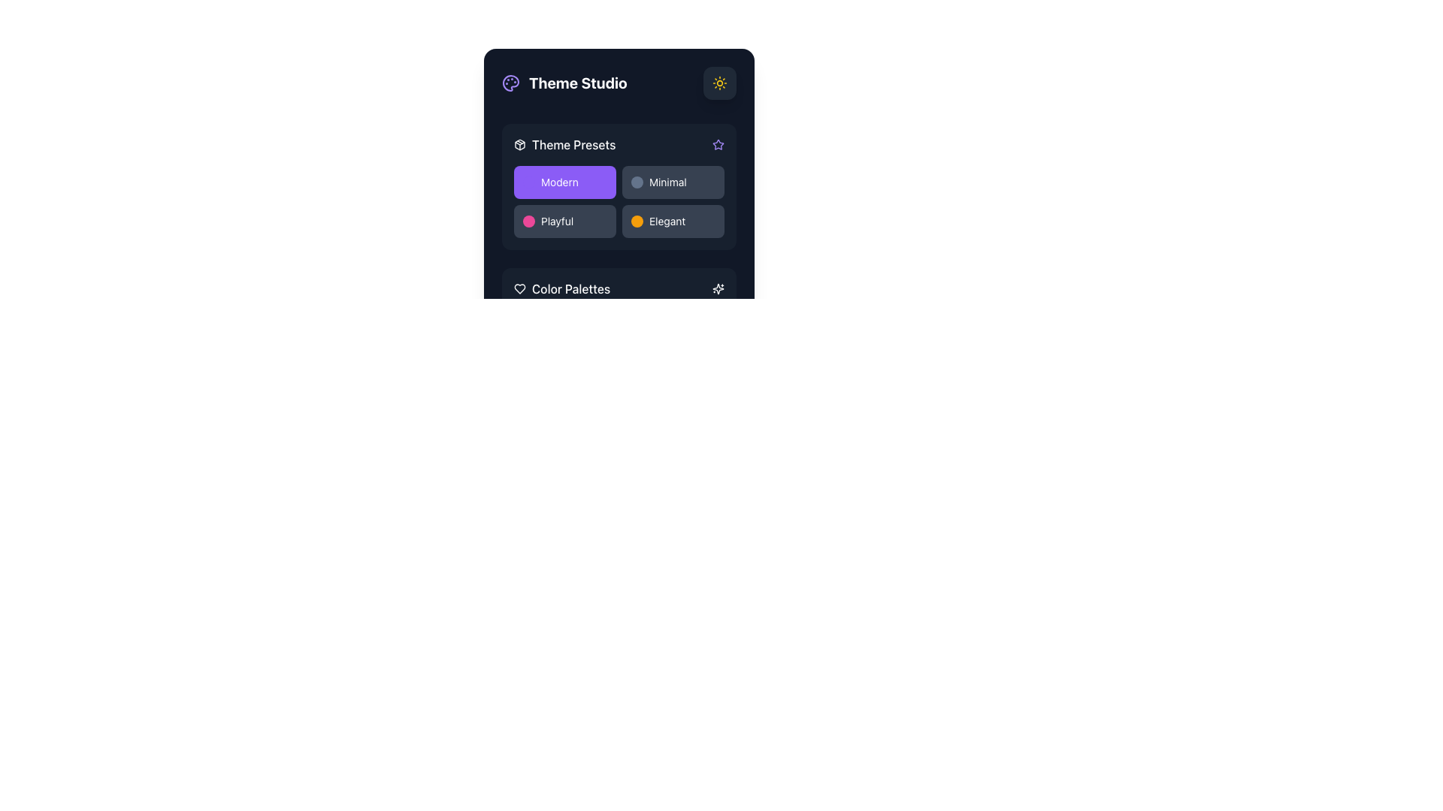  What do you see at coordinates (561, 289) in the screenshot?
I see `the text label for the color palette section, which is the first item in the vertical layout under the 'Theme Studio' heading` at bounding box center [561, 289].